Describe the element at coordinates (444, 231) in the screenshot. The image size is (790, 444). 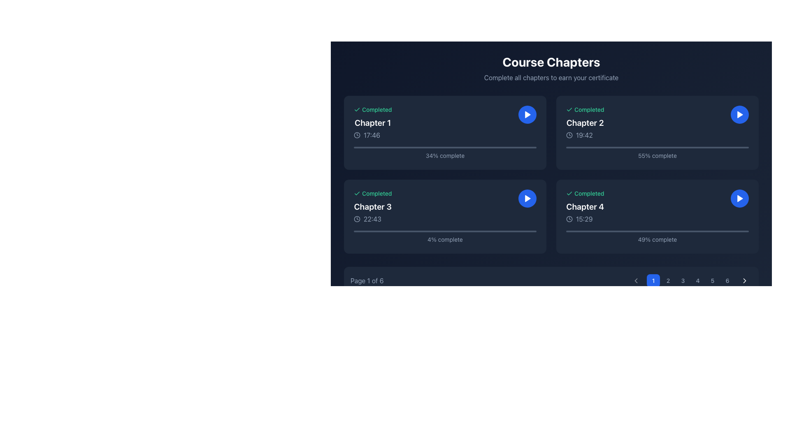
I see `the progress bar located under the text '4% complete' in the 'Chapter 3' card` at that location.